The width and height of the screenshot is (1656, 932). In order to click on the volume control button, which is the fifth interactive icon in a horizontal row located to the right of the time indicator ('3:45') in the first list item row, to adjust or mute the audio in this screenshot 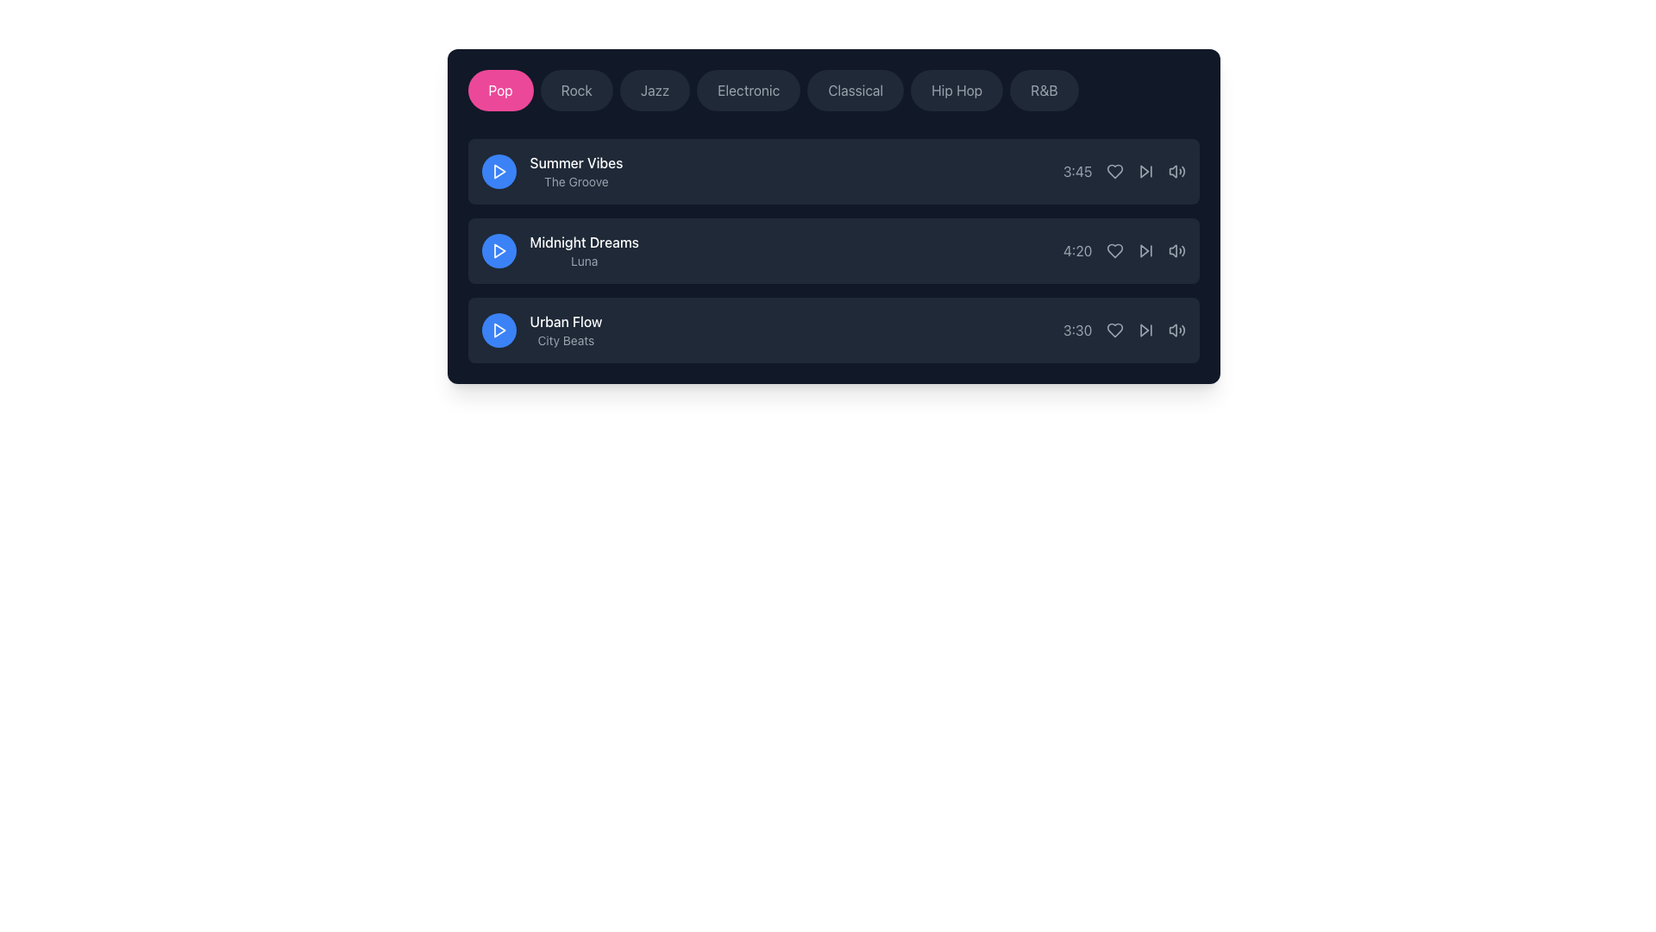, I will do `click(1176, 172)`.